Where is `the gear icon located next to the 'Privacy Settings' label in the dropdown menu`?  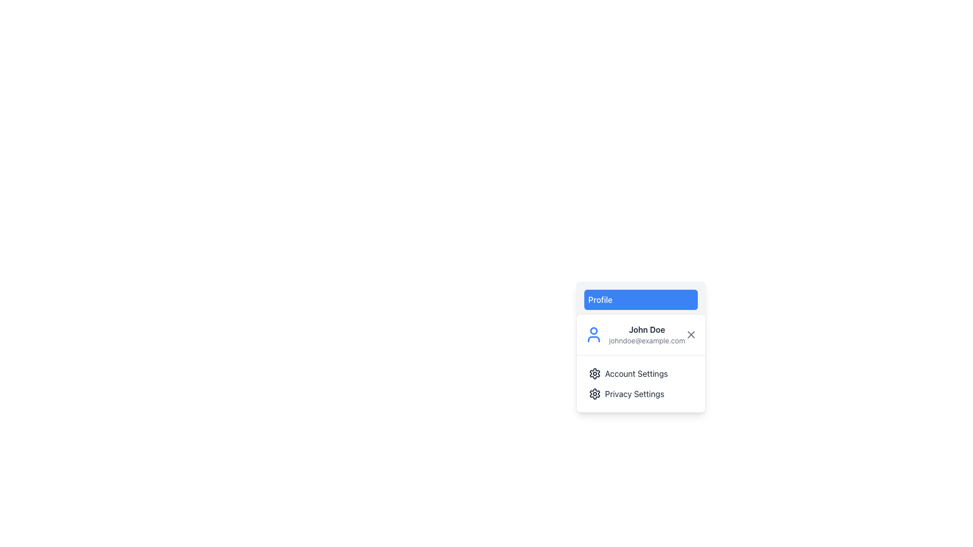 the gear icon located next to the 'Privacy Settings' label in the dropdown menu is located at coordinates (595, 394).